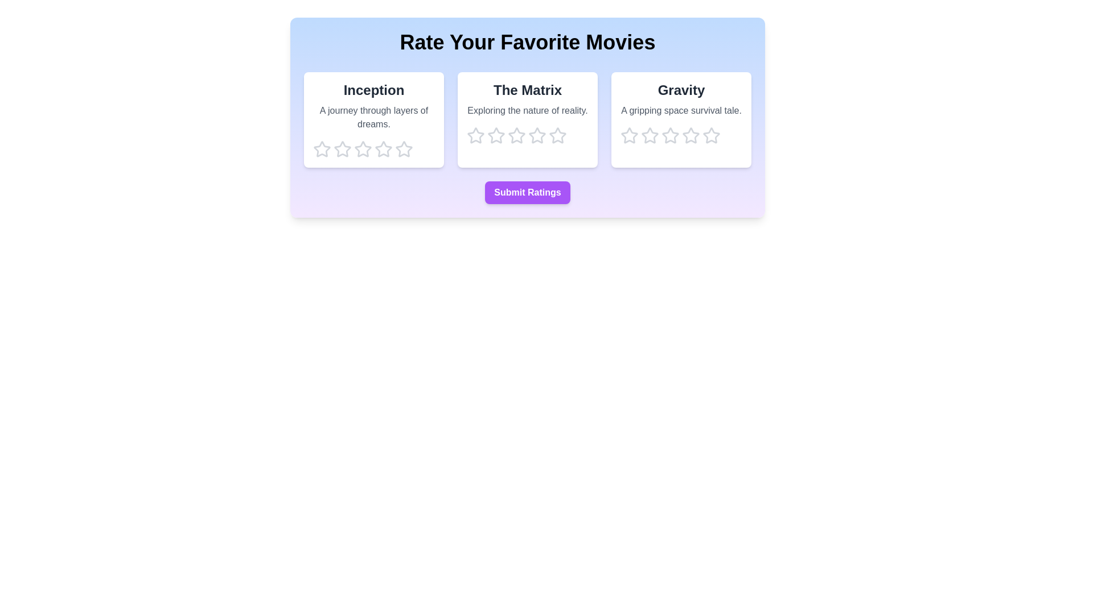 This screenshot has width=1093, height=614. I want to click on the star corresponding to 5 for the movie Inception, so click(404, 148).